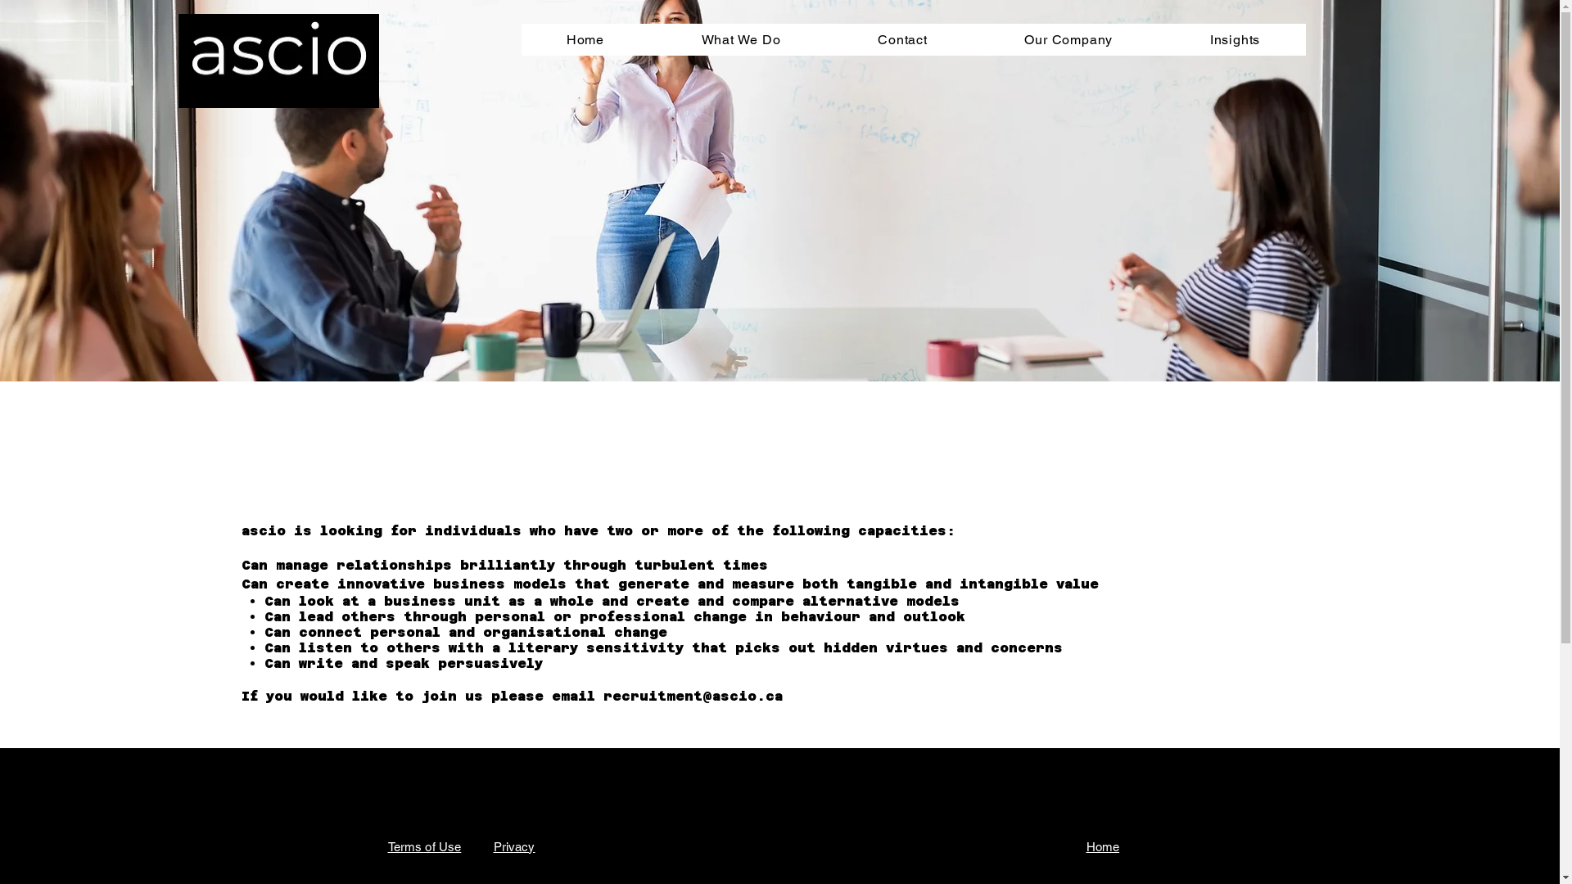 The height and width of the screenshot is (884, 1572). Describe the element at coordinates (740, 38) in the screenshot. I see `'What We Do'` at that location.